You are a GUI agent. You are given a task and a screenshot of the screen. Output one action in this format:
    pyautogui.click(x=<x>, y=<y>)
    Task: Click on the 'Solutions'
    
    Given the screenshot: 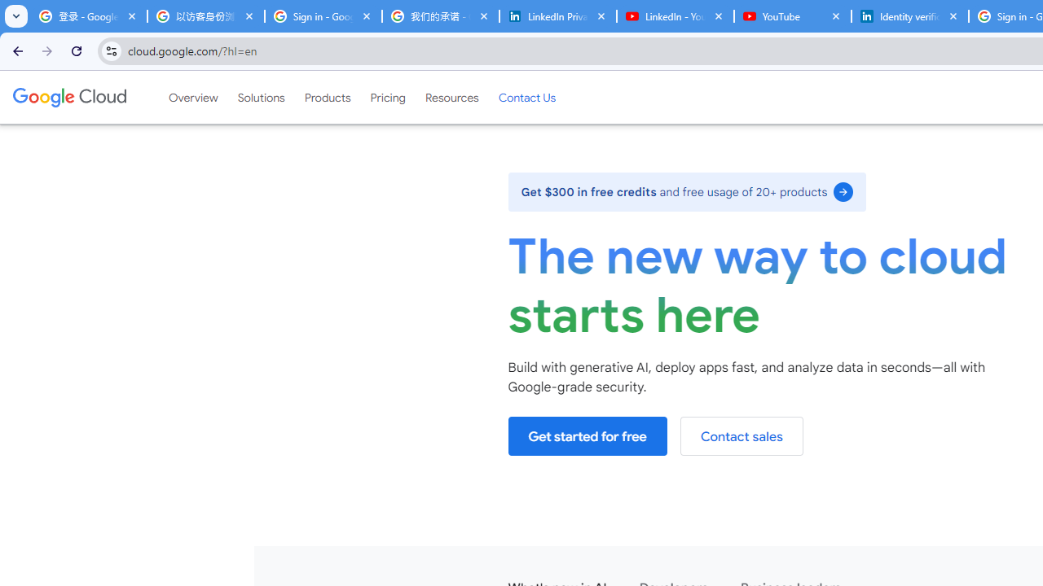 What is the action you would take?
    pyautogui.click(x=261, y=97)
    